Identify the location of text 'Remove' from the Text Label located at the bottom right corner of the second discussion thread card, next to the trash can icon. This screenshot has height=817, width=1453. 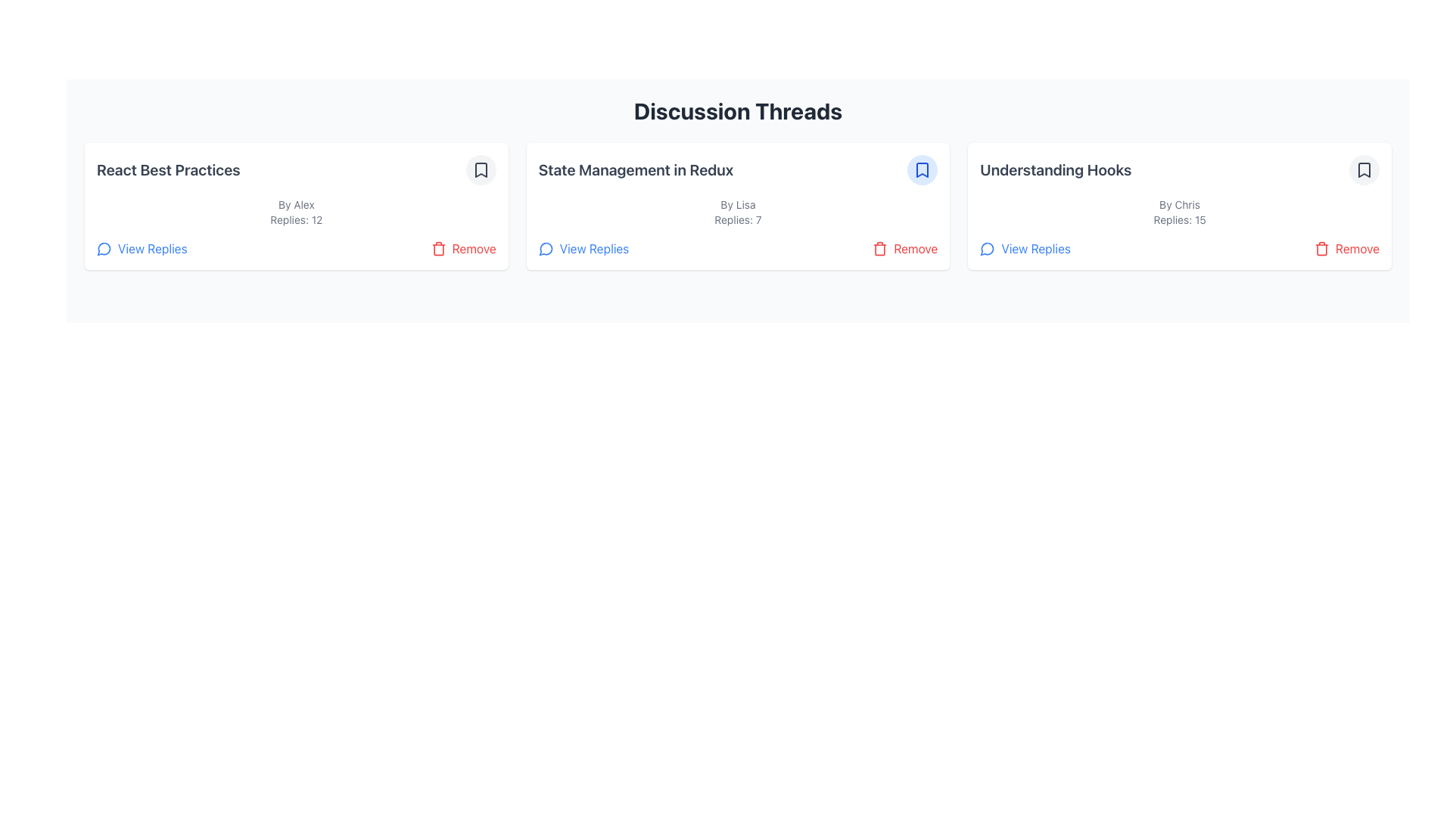
(473, 247).